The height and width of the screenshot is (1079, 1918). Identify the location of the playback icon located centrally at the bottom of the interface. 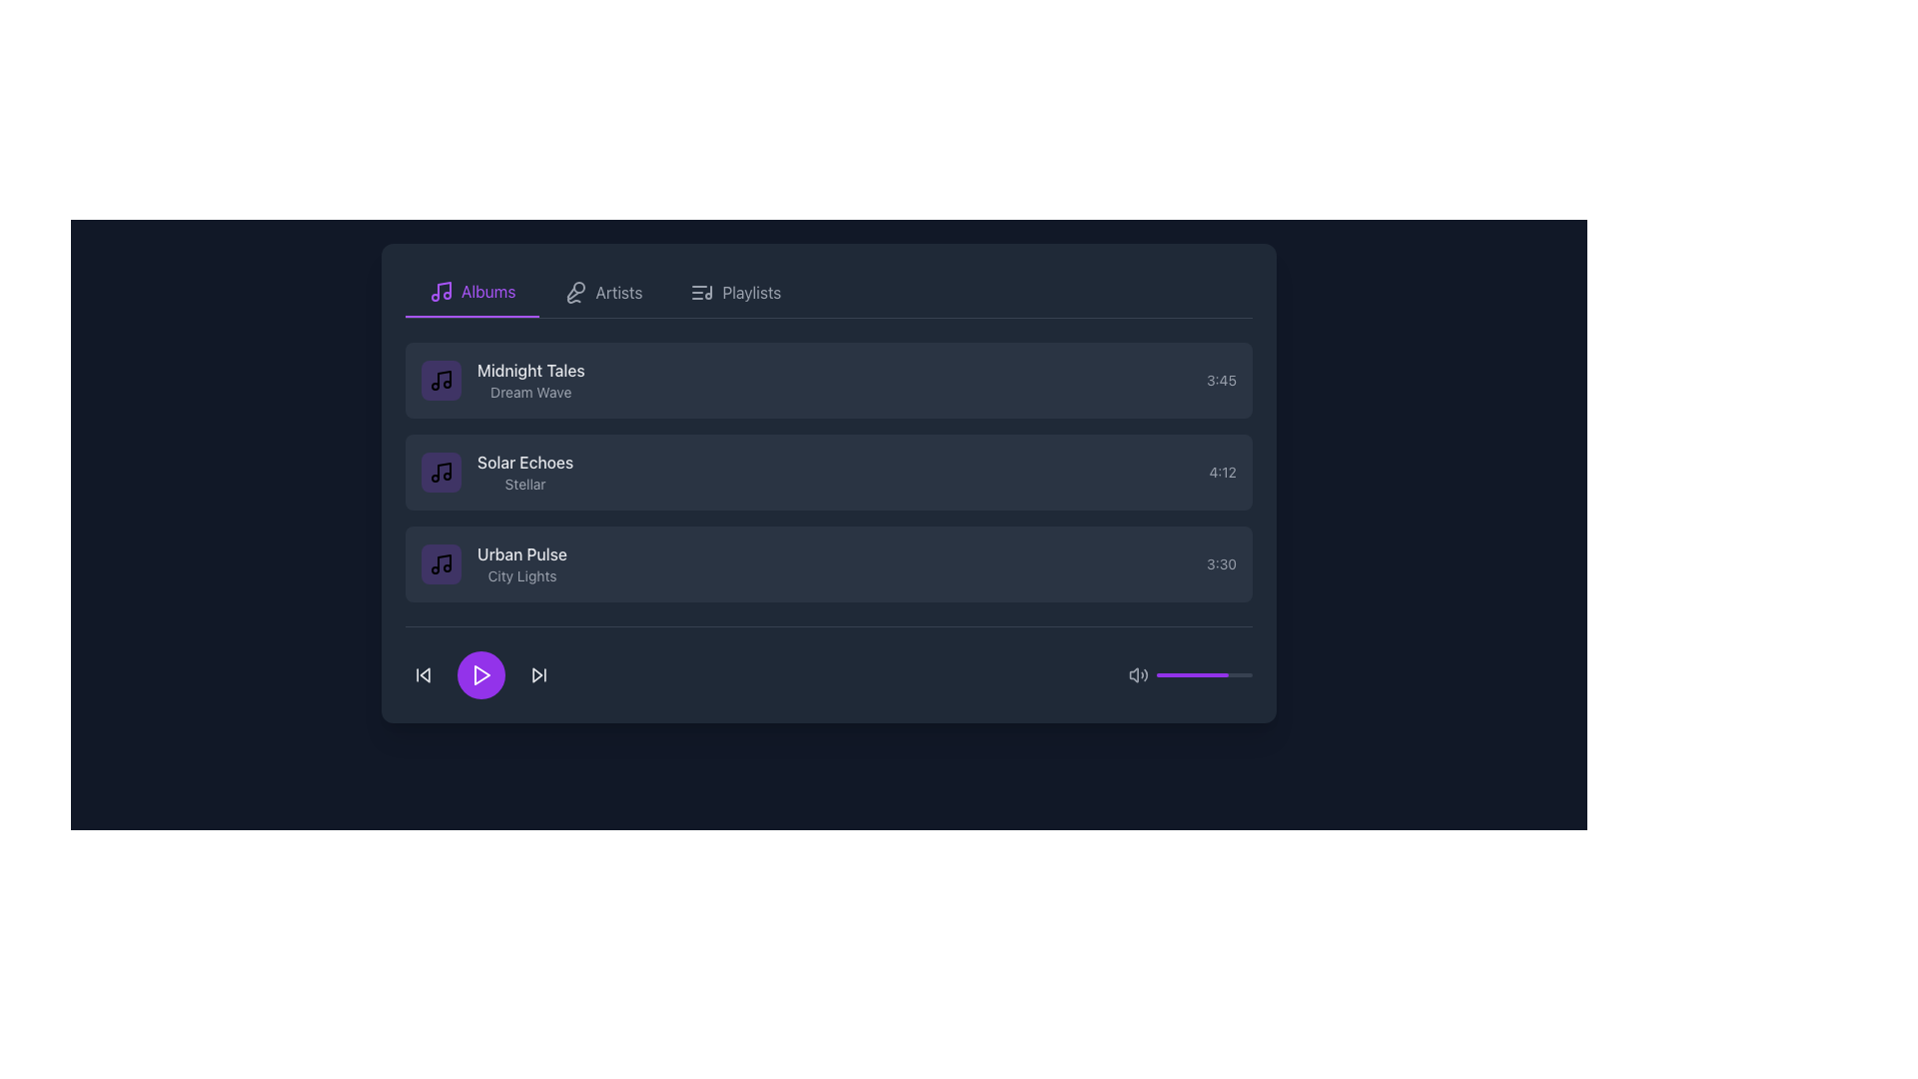
(480, 674).